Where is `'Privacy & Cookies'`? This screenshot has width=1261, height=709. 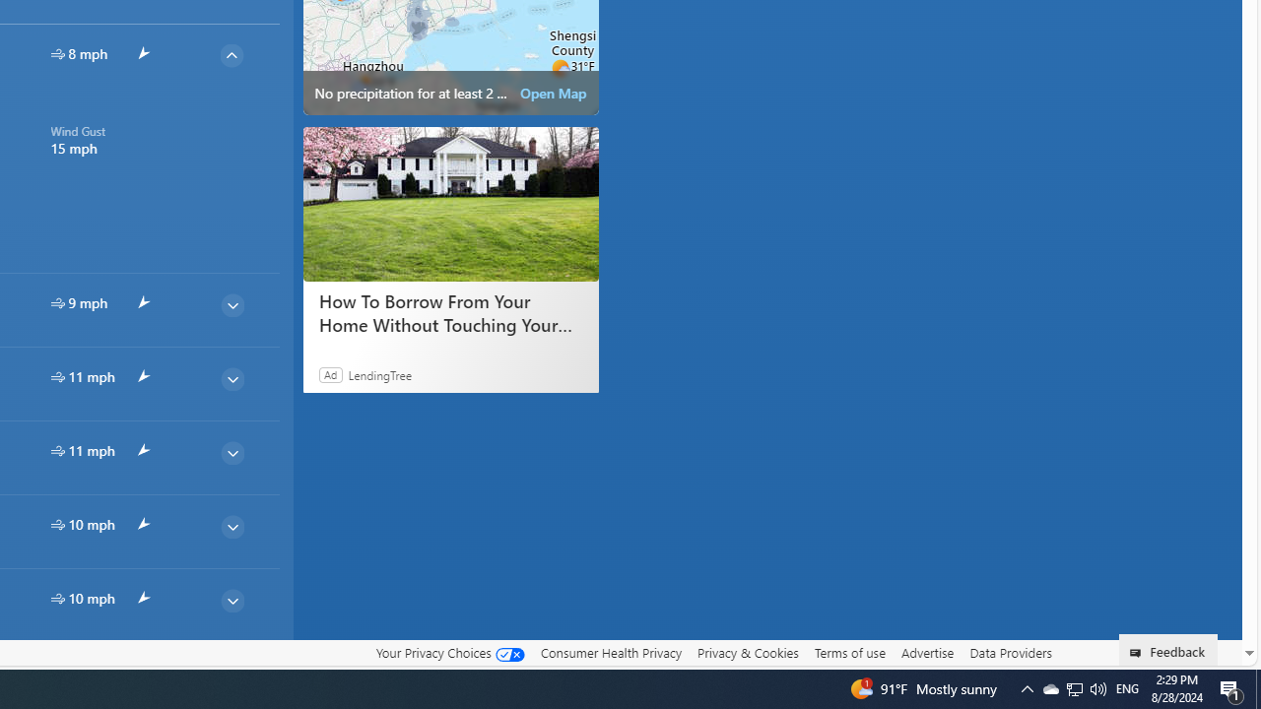 'Privacy & Cookies' is located at coordinates (747, 653).